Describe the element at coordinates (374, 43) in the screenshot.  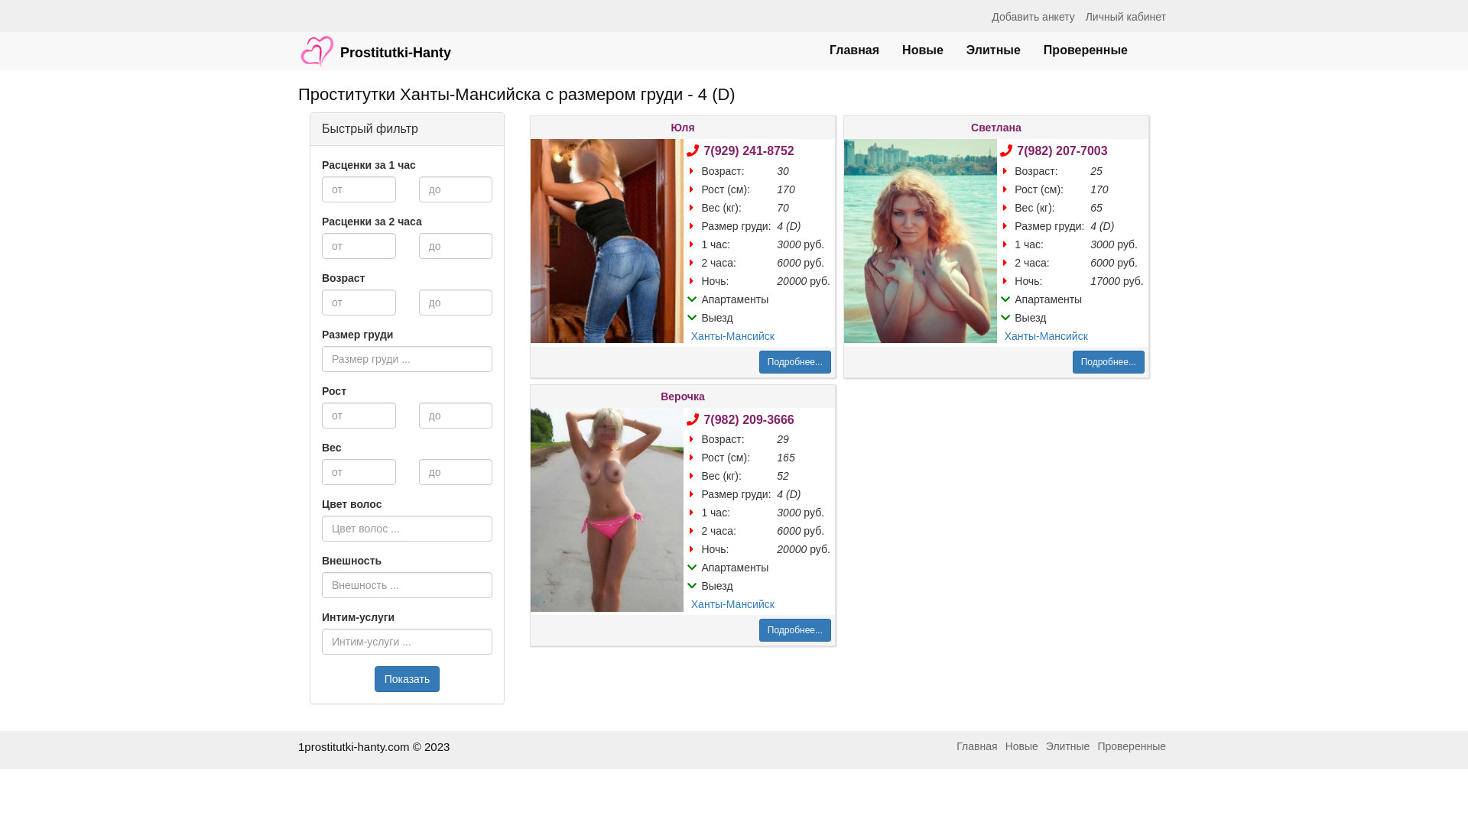
I see `'Prostitutki-Hanty'` at that location.